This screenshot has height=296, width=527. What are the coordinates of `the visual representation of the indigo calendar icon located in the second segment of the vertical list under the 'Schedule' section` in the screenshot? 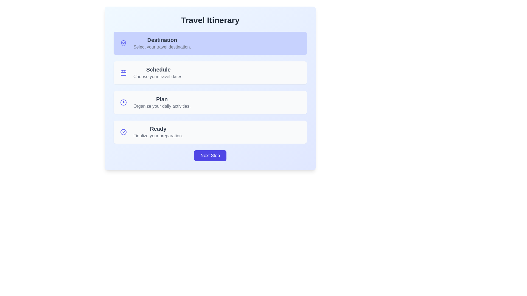 It's located at (123, 73).